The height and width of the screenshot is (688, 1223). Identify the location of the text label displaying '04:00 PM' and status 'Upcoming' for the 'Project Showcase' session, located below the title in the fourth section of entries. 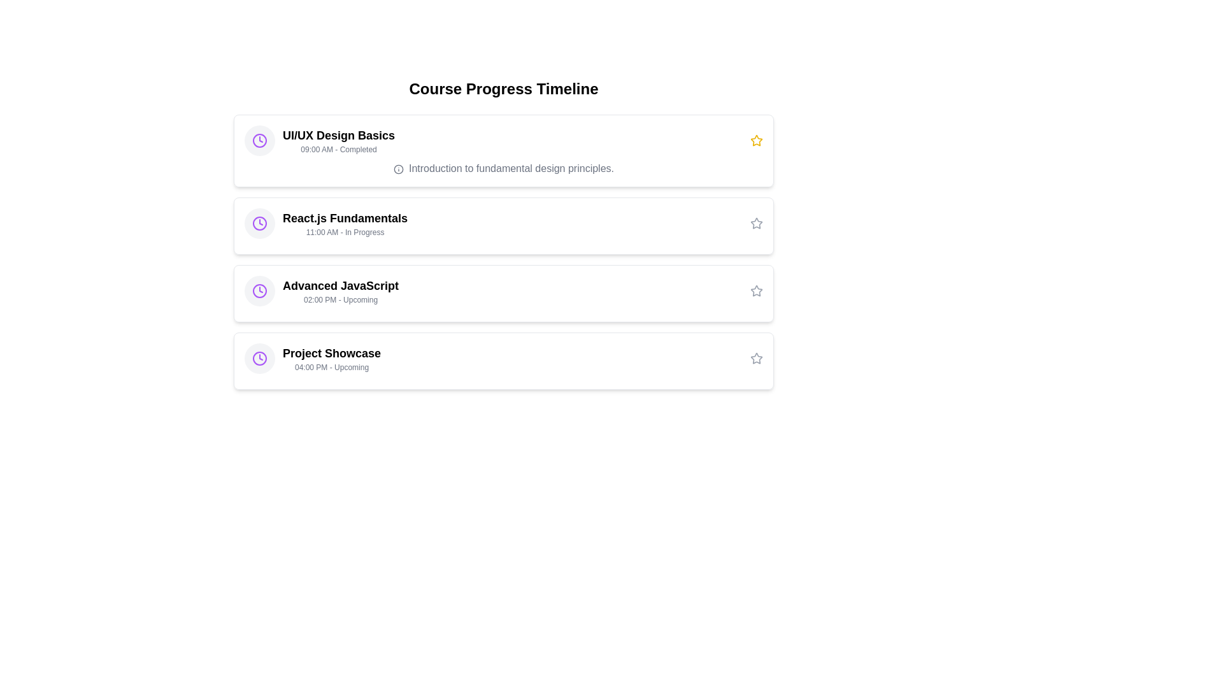
(332, 368).